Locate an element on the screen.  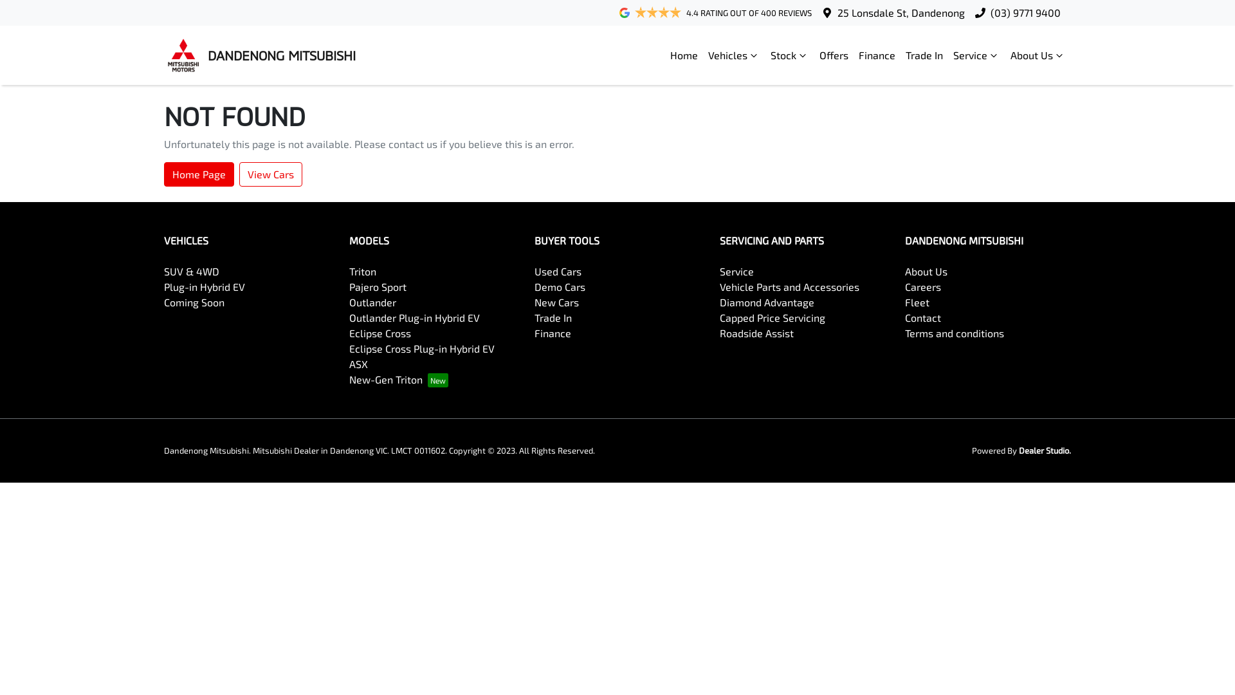
'Service' is located at coordinates (976, 54).